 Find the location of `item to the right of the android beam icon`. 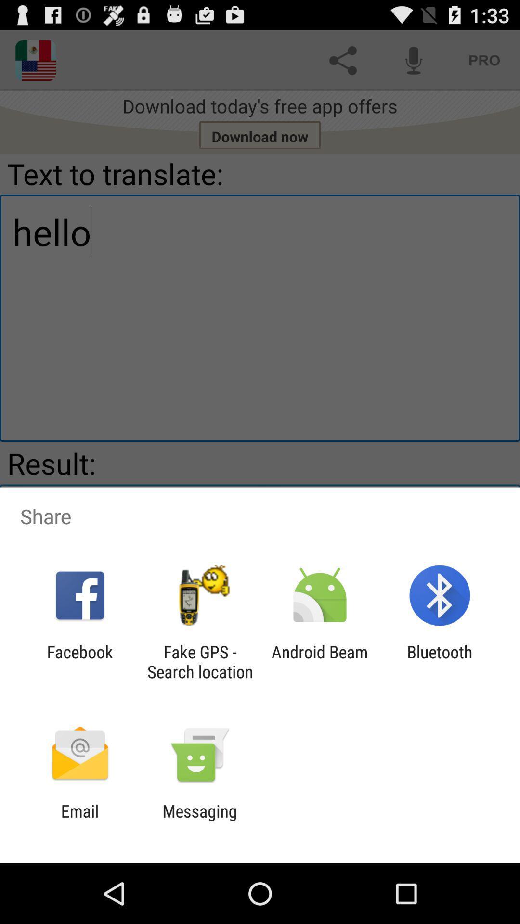

item to the right of the android beam icon is located at coordinates (440, 661).